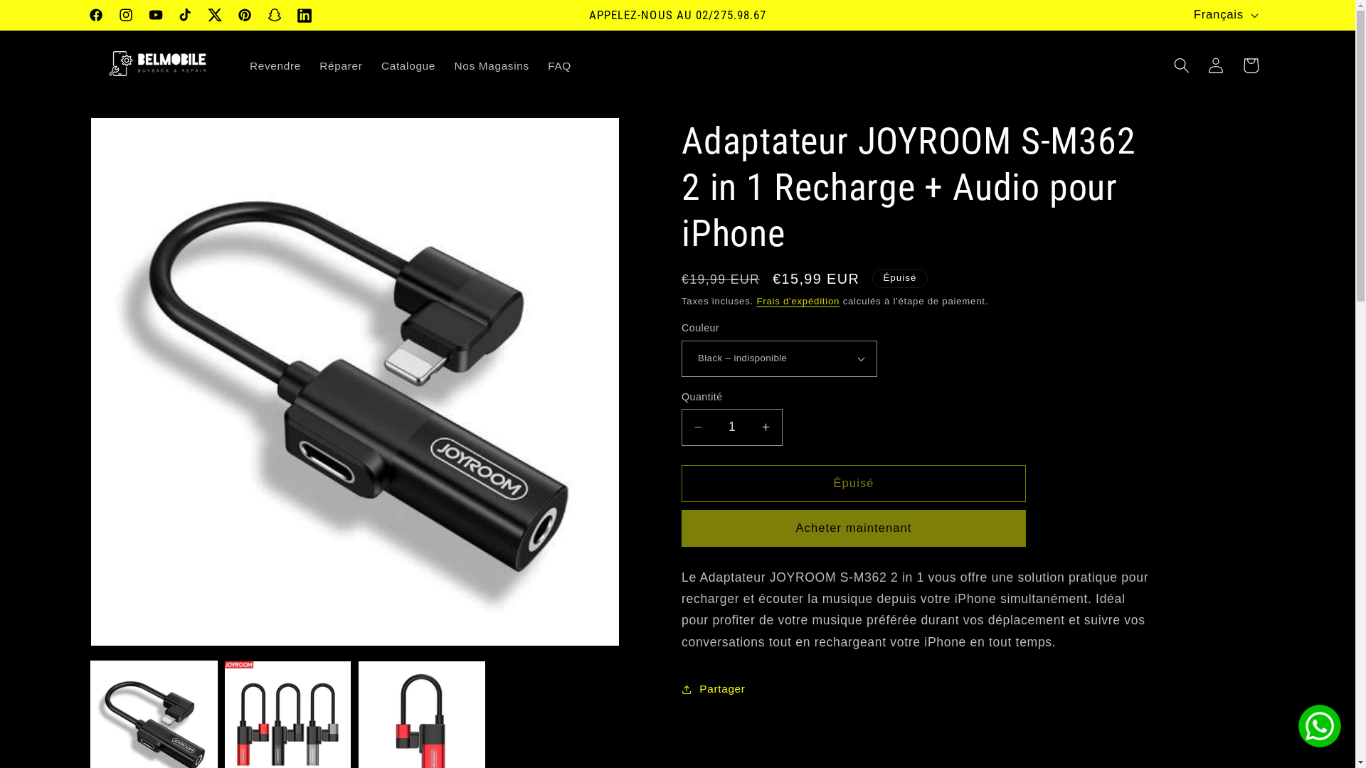 The image size is (1366, 768). What do you see at coordinates (408, 65) in the screenshot?
I see `'Catalogue'` at bounding box center [408, 65].